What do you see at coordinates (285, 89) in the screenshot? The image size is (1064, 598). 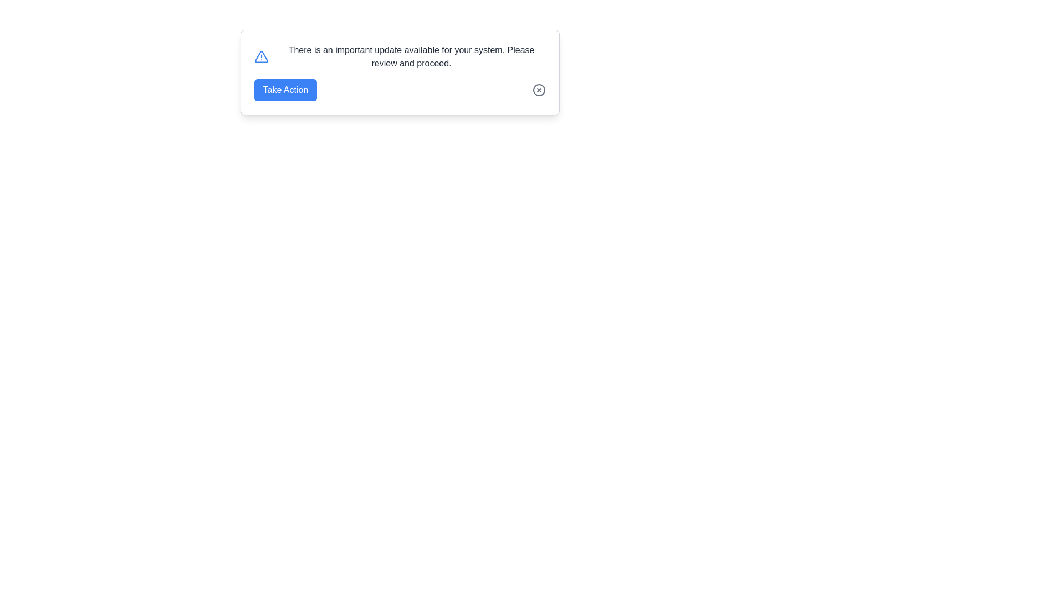 I see `'Take Action' button to trigger the respective functionality` at bounding box center [285, 89].